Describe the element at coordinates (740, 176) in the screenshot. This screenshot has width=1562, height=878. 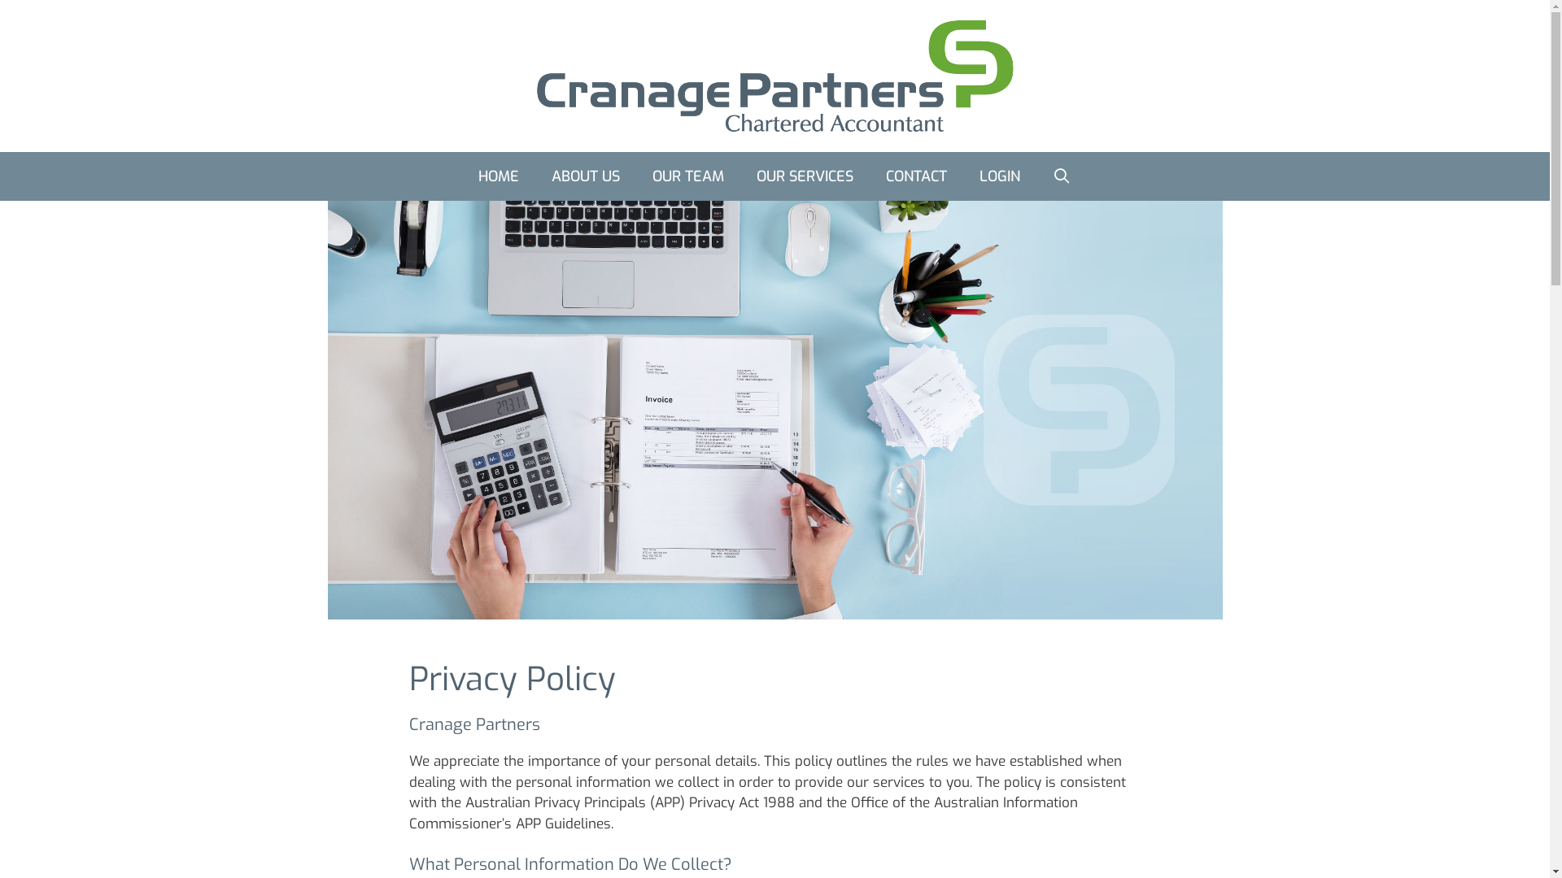
I see `'OUR SERVICES'` at that location.